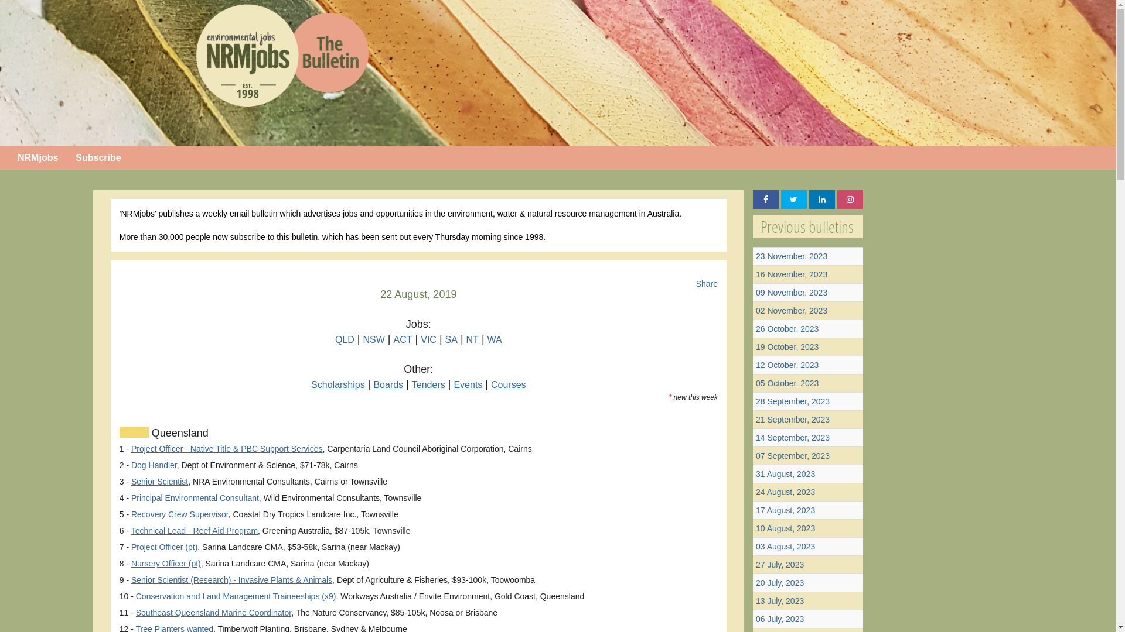  I want to click on 'Dog Handler', so click(154, 464).